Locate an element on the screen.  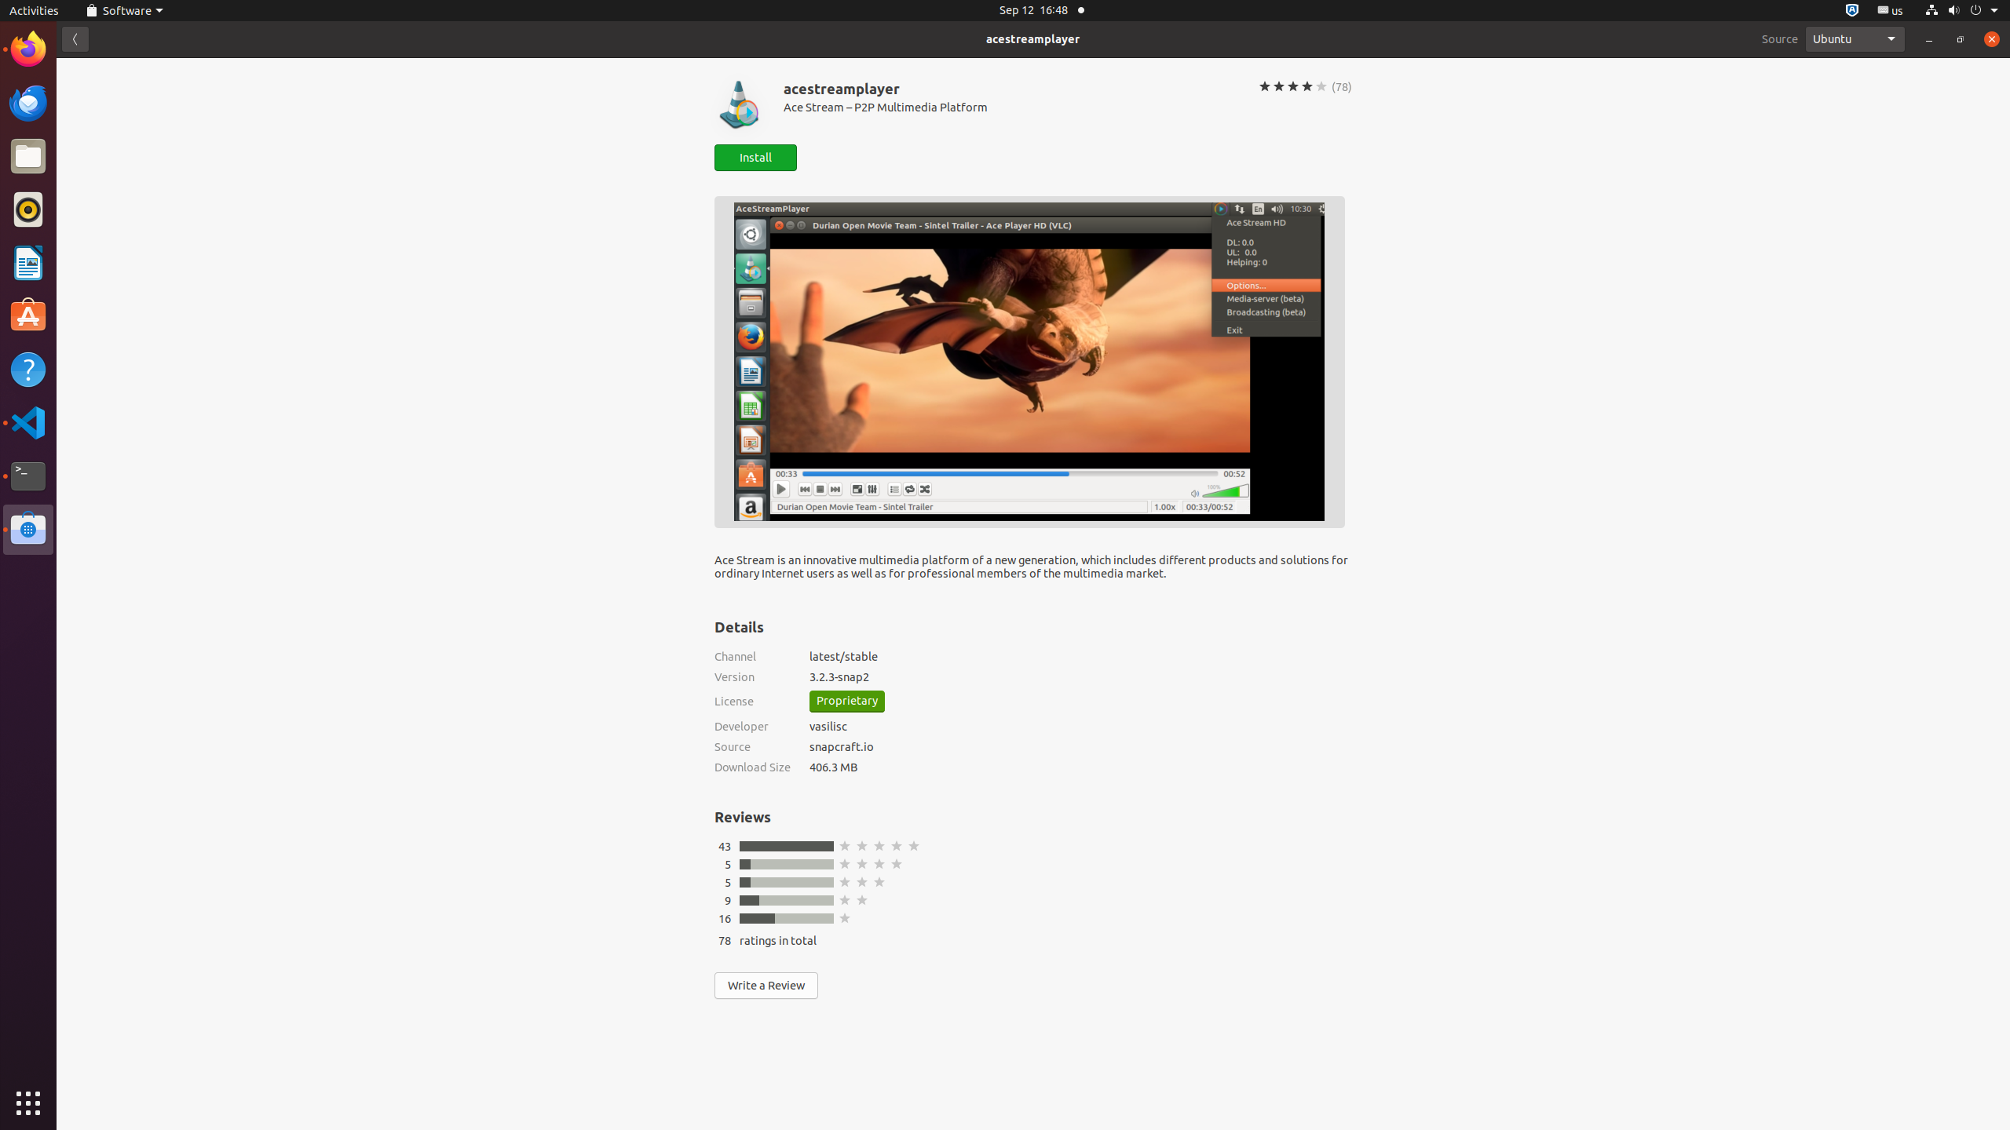
'acestreamplayer' is located at coordinates (1032, 38).